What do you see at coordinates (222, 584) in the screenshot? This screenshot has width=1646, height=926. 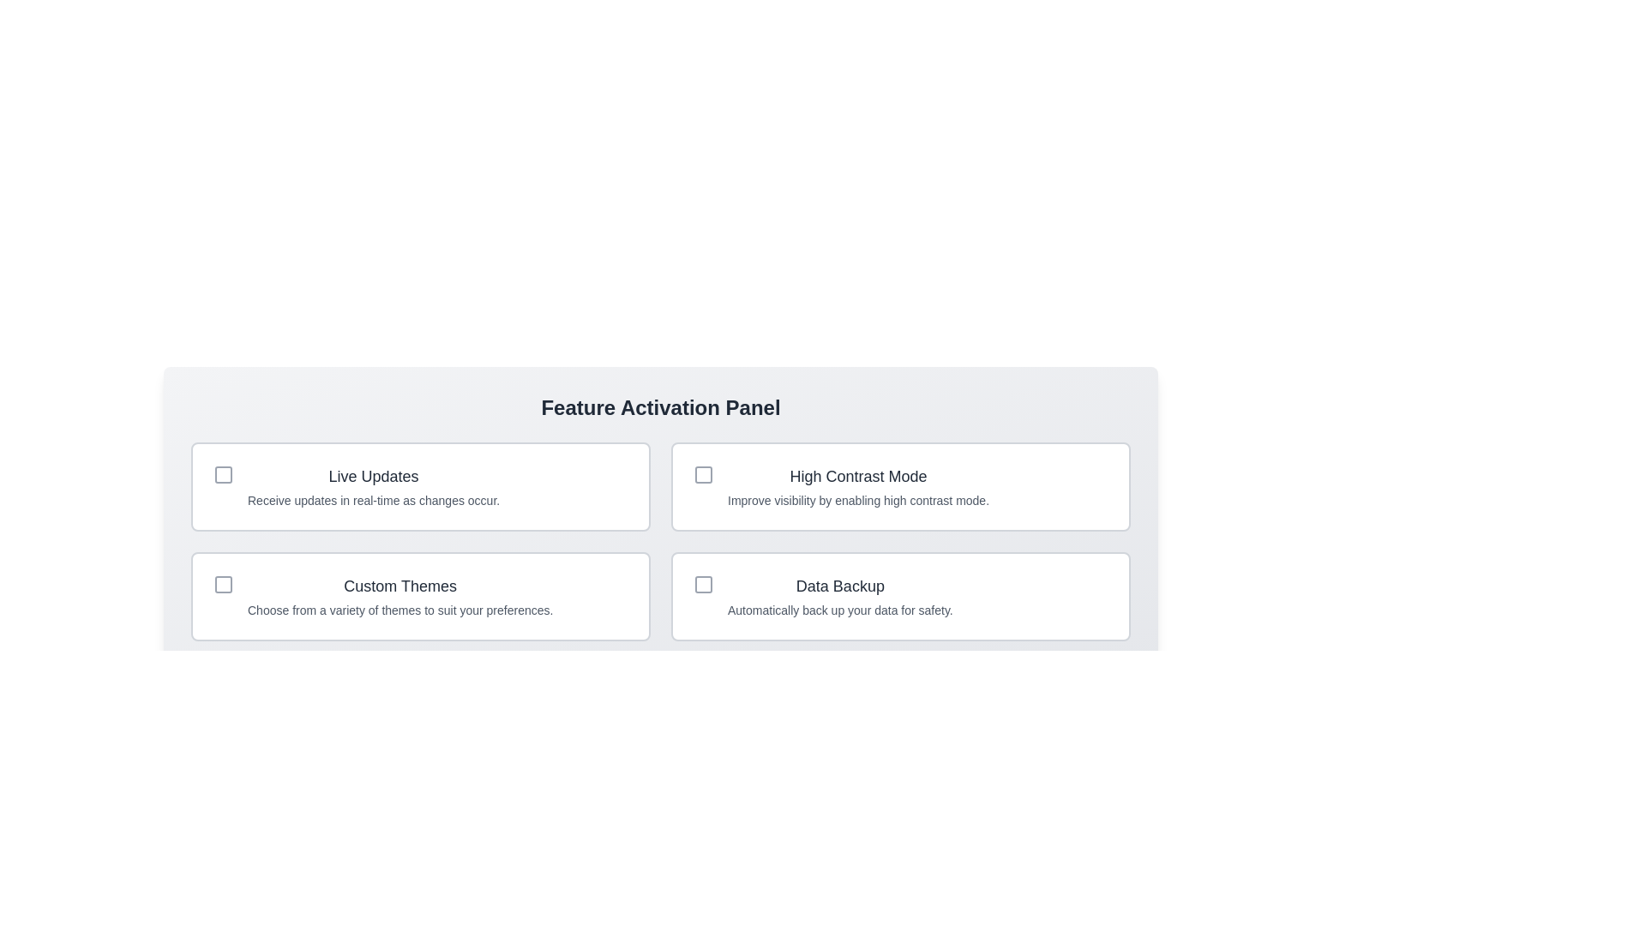 I see `the checkbox indicator for the 'Custom Themes' feature` at bounding box center [222, 584].